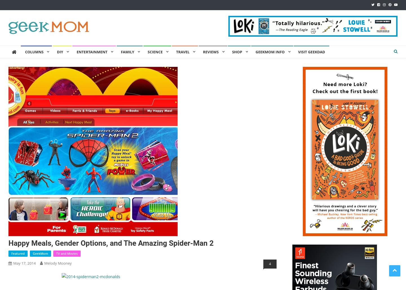 The width and height of the screenshot is (406, 290). Describe the element at coordinates (202, 78) in the screenshot. I see `'Electronics'` at that location.